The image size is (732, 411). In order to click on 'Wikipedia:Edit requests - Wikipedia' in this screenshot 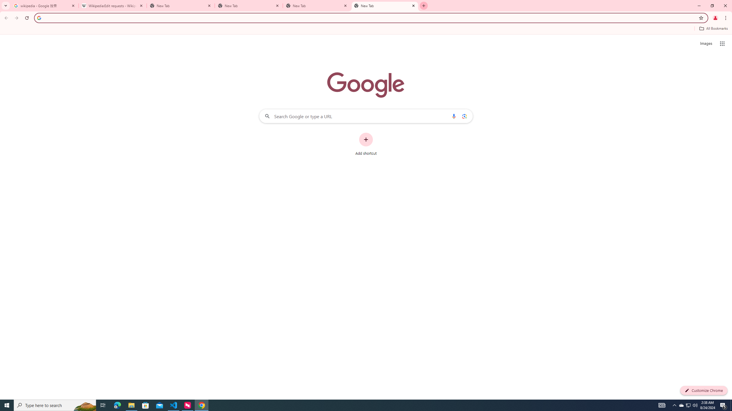, I will do `click(113, 5)`.